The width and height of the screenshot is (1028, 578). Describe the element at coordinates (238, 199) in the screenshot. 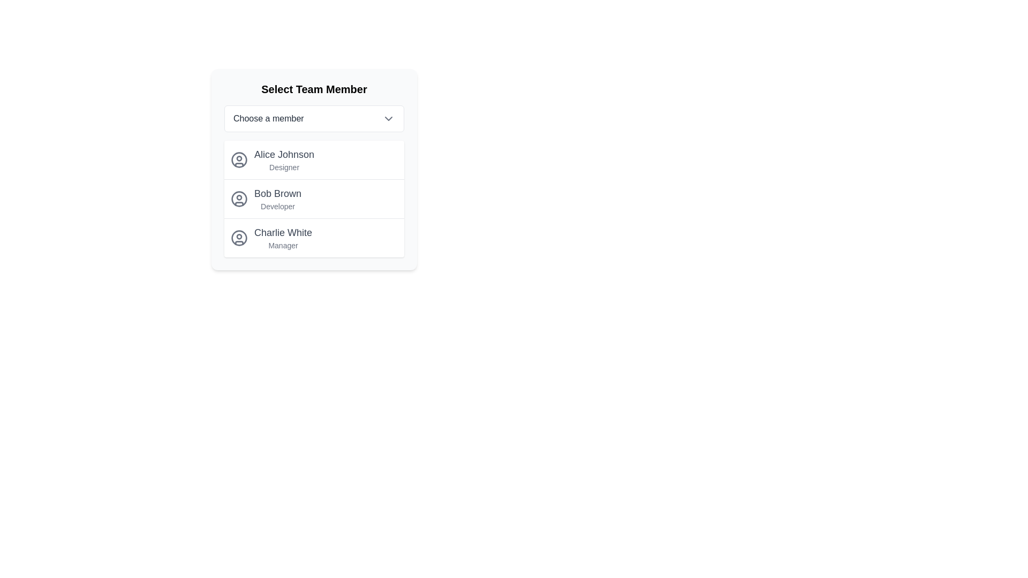

I see `the row containing the user profile icon representing 'Bob Brown Developer', which is a circular icon with a gray outline located to the left of the text` at that location.